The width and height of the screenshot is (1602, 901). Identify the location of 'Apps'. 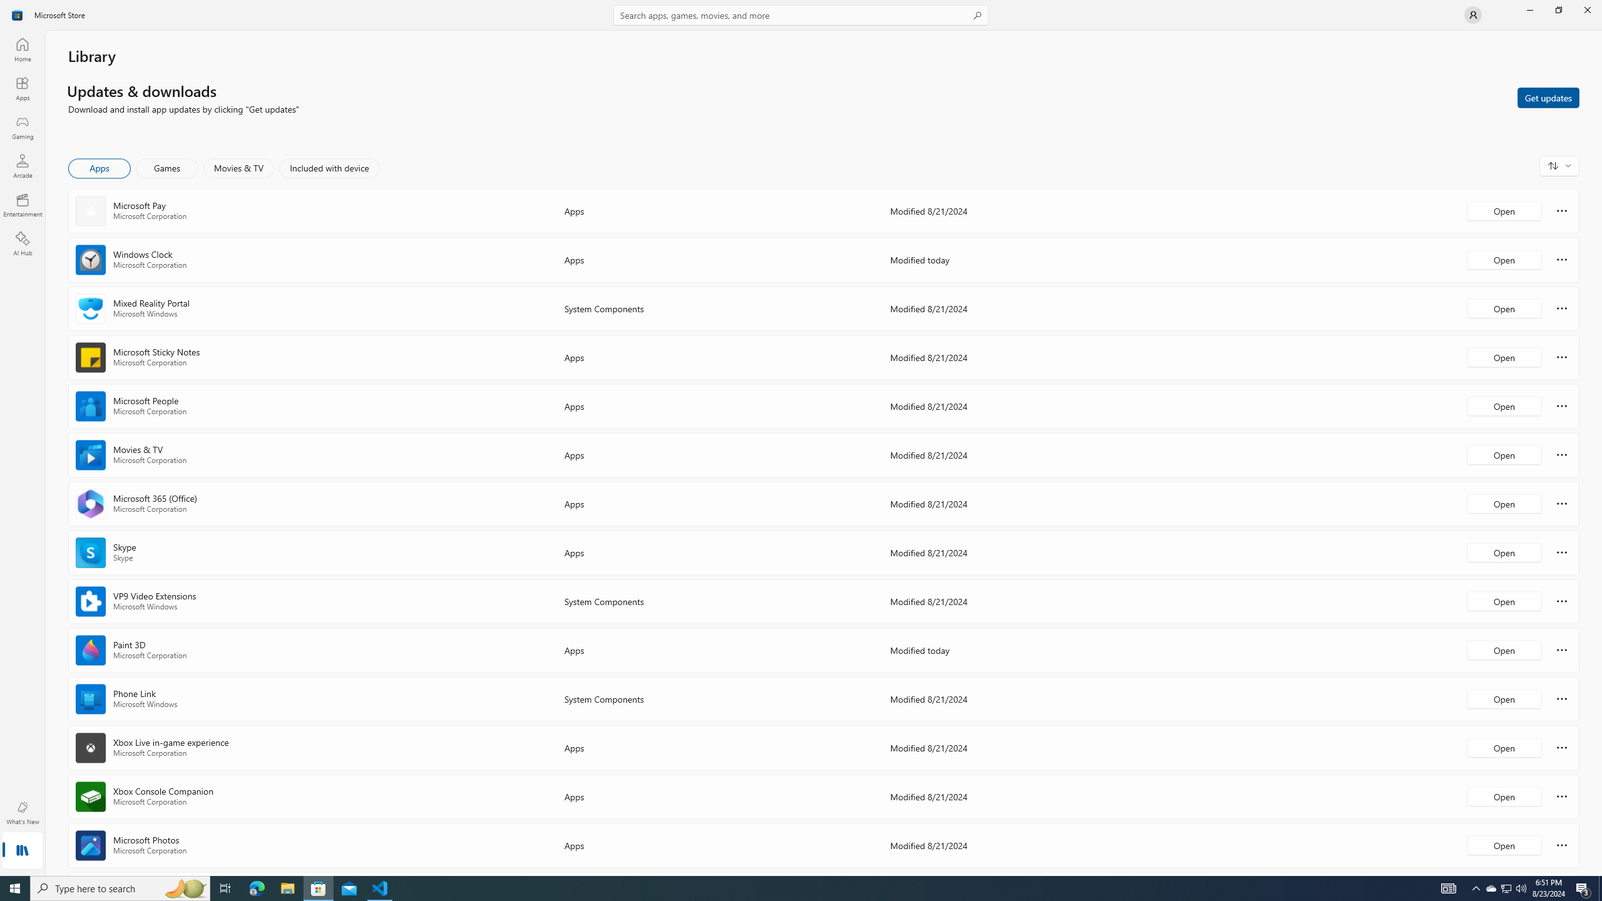
(21, 88).